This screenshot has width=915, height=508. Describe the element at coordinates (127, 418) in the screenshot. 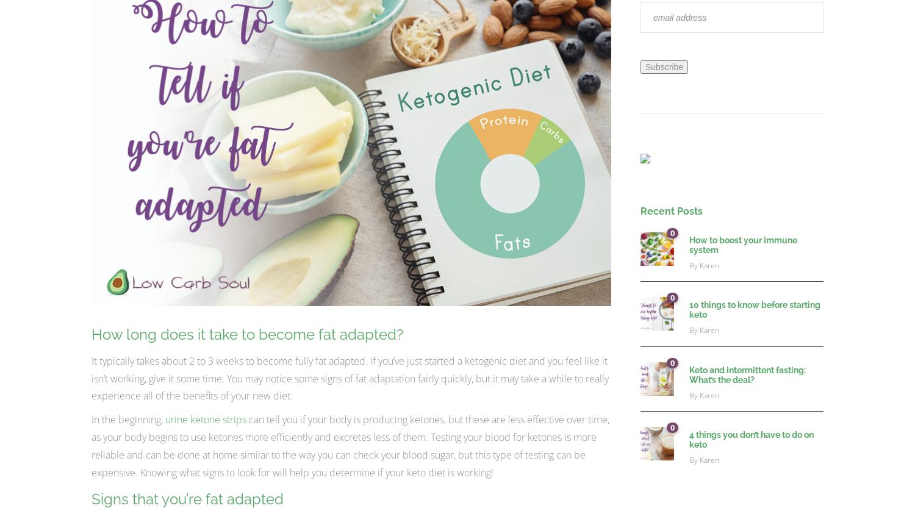

I see `'In the beginning,'` at that location.